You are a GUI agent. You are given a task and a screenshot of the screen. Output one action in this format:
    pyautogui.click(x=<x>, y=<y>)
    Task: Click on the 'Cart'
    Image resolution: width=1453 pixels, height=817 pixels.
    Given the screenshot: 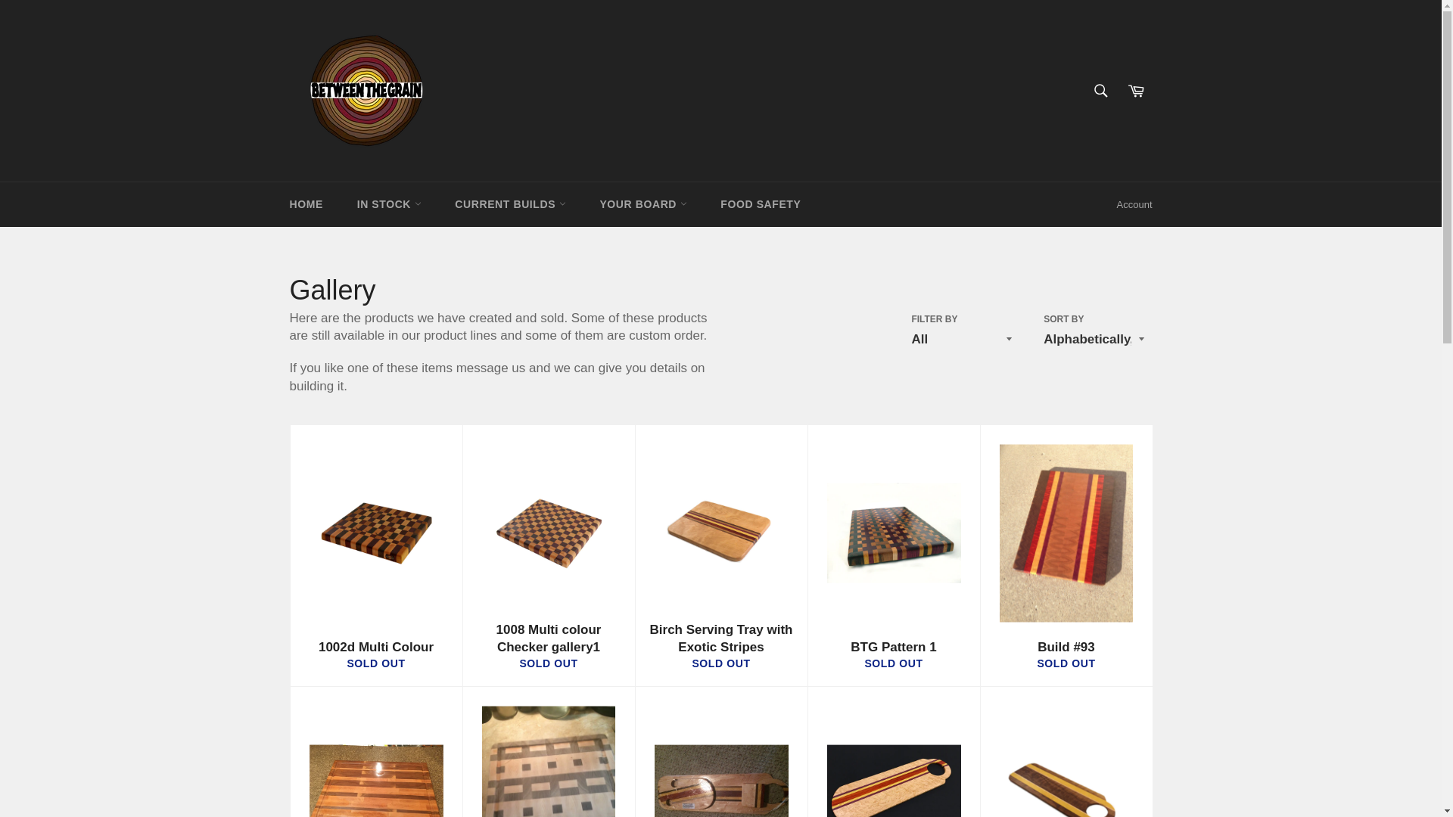 What is the action you would take?
    pyautogui.click(x=1136, y=90)
    